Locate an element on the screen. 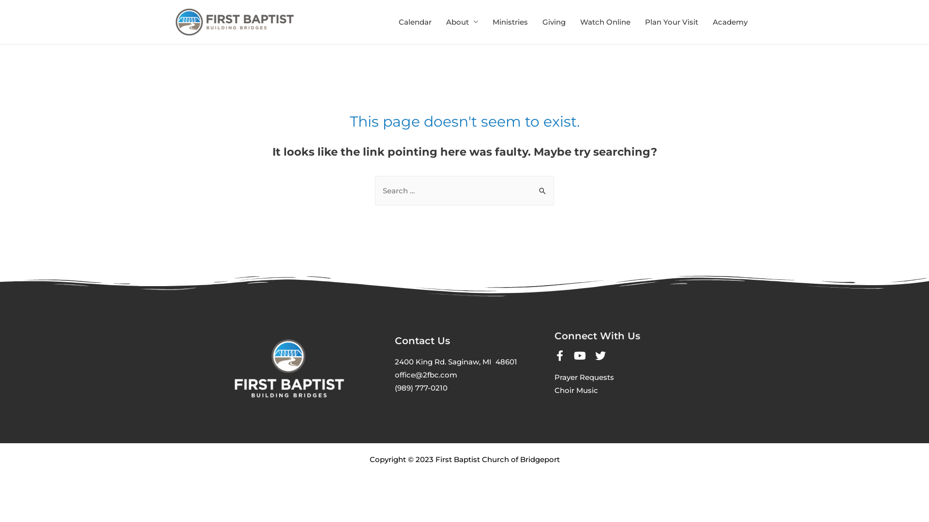 The width and height of the screenshot is (929, 522). 'Calendar' is located at coordinates (415, 22).